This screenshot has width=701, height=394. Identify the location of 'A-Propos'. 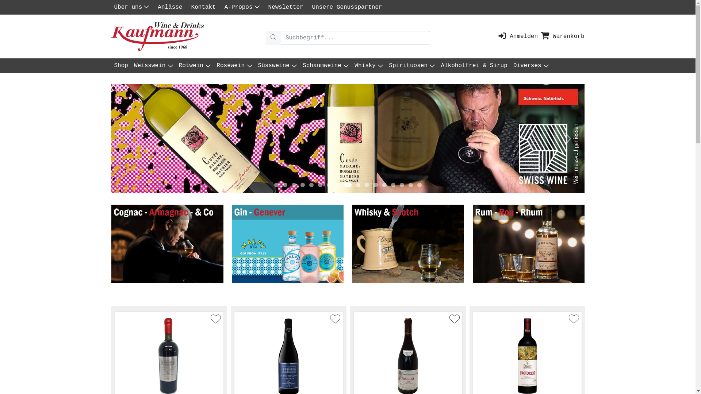
(244, 7).